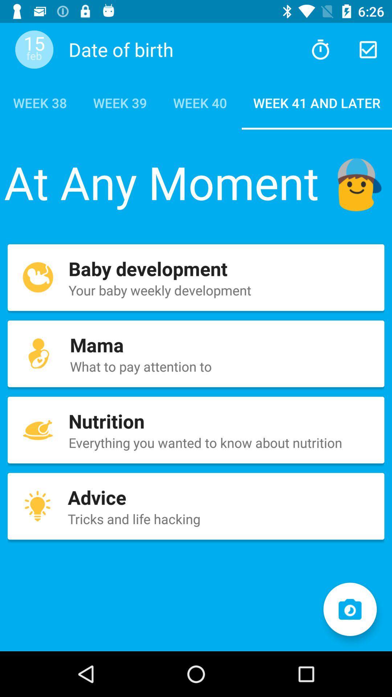  Describe the element at coordinates (350, 609) in the screenshot. I see `take a photo` at that location.